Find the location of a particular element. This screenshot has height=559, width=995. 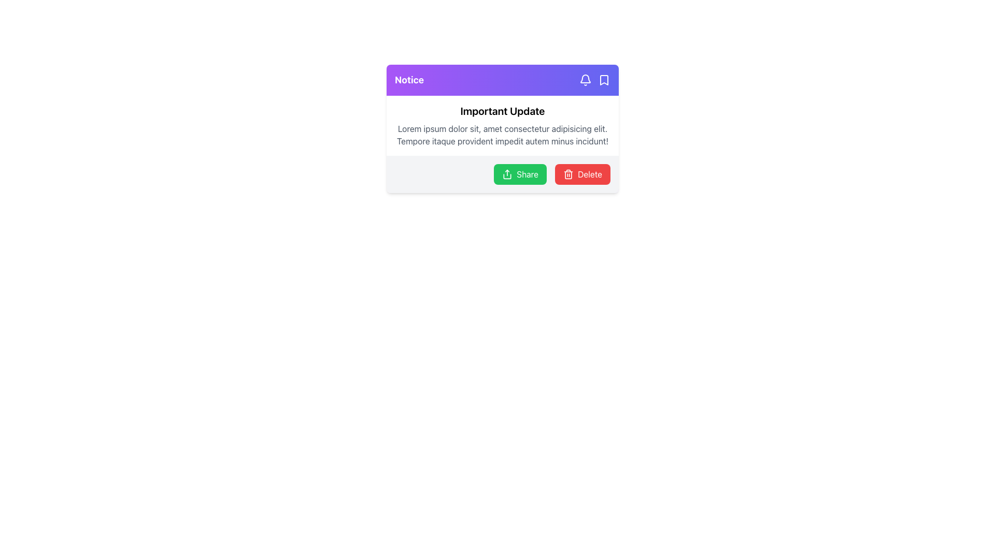

the bookmark icon located at the upper-right corner of the notification card, adjacent to the bell icon is located at coordinates (604, 79).